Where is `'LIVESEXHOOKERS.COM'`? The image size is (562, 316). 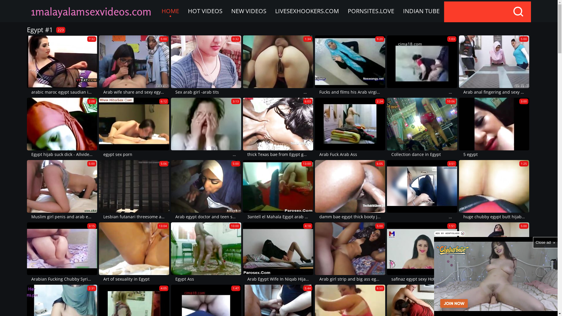
'LIVESEXHOOKERS.COM' is located at coordinates (306, 11).